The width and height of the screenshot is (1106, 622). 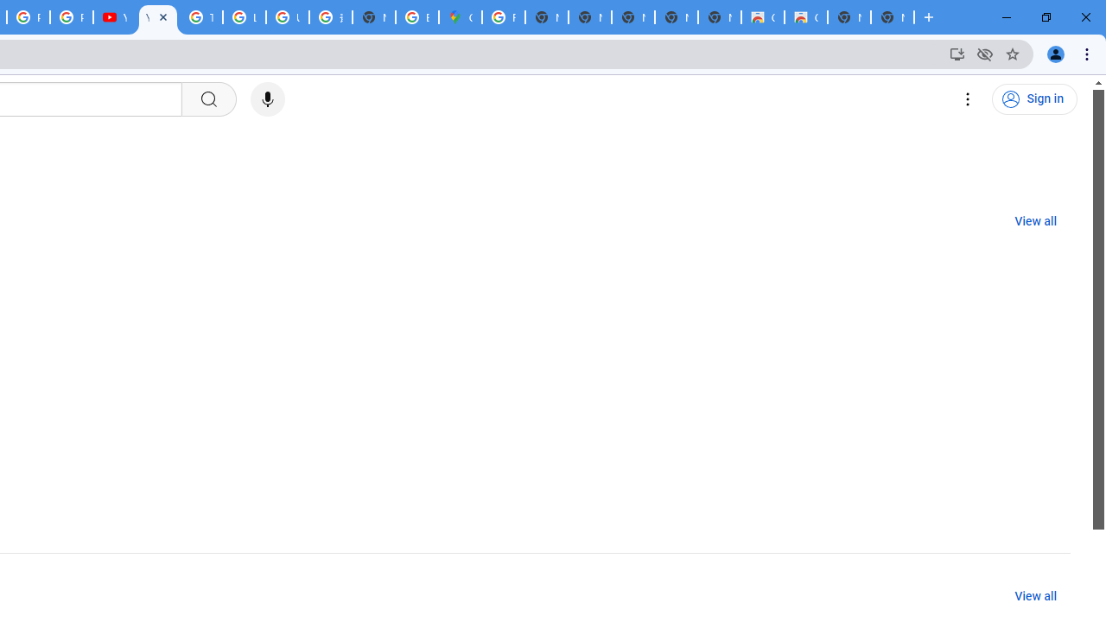 What do you see at coordinates (158, 17) in the screenshot?
I see `'YouTube'` at bounding box center [158, 17].